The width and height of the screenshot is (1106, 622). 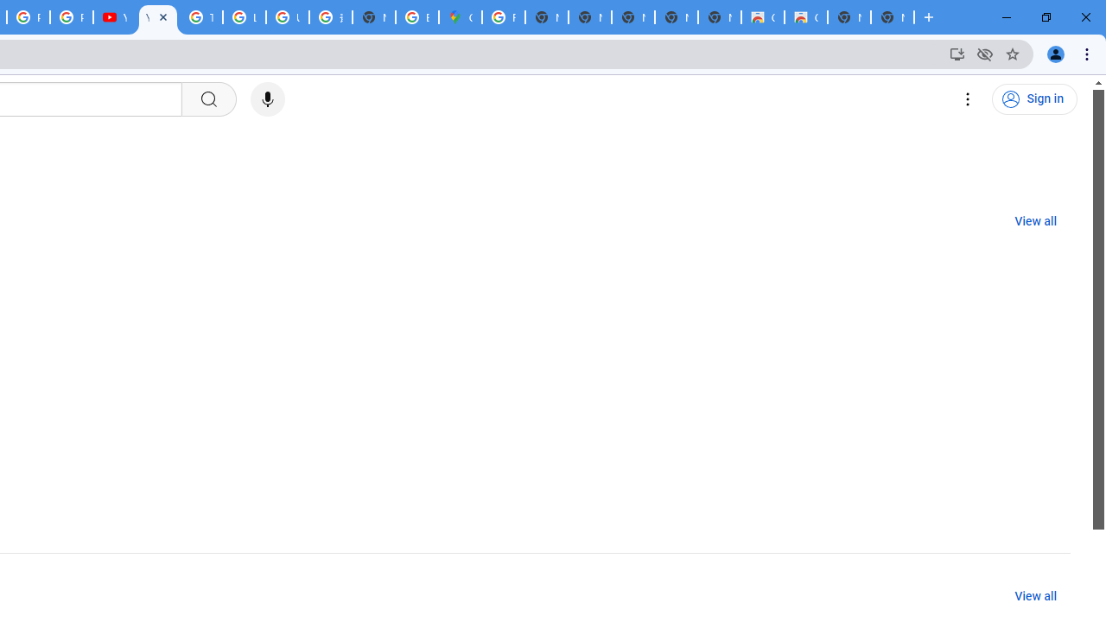 What do you see at coordinates (158, 17) in the screenshot?
I see `'YouTube'` at bounding box center [158, 17].